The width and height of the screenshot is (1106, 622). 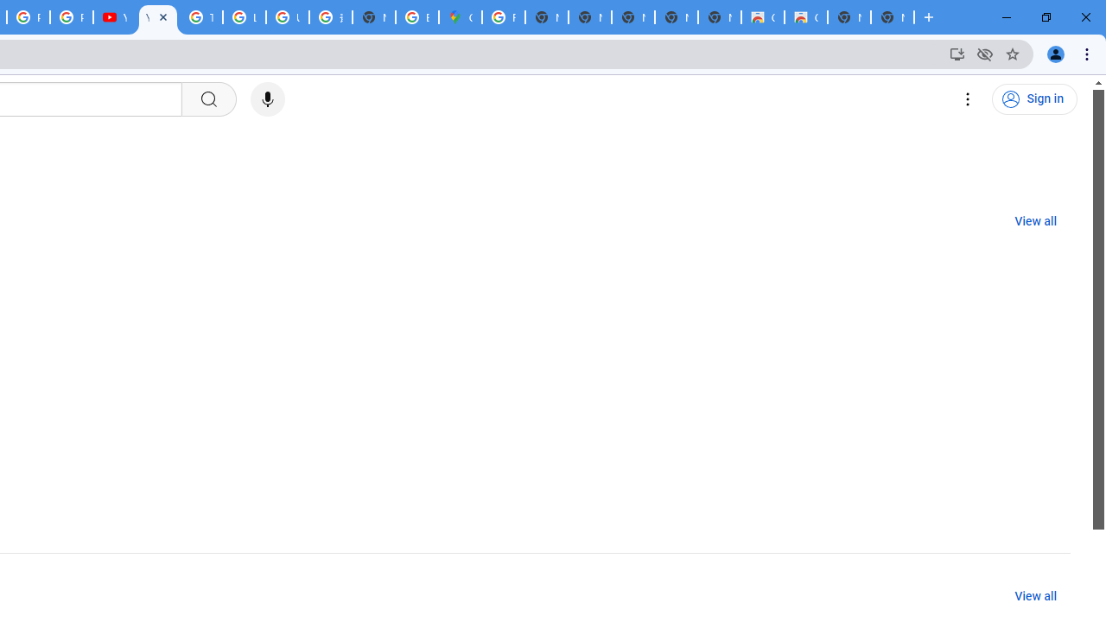 What do you see at coordinates (158, 17) in the screenshot?
I see `'YouTube'` at bounding box center [158, 17].